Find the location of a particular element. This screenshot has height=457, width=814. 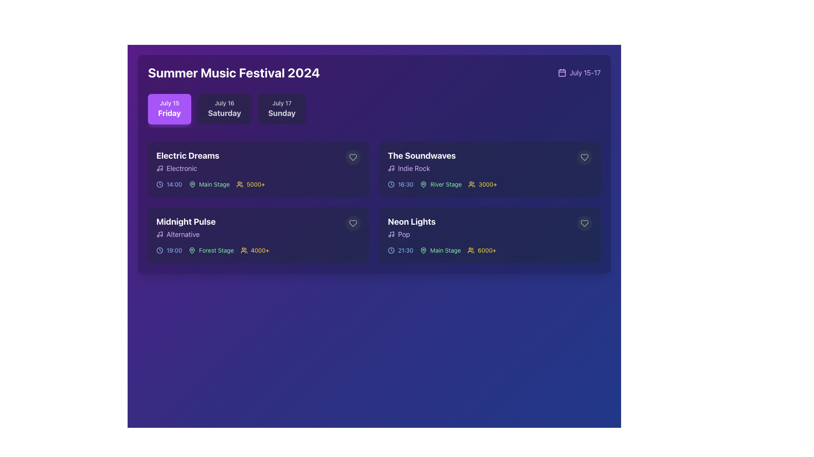

the static label displaying 'Indie Rock' with a purple hue and a music note icon is located at coordinates (422, 168).